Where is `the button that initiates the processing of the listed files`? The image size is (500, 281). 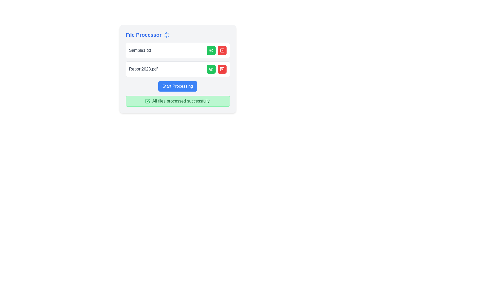
the button that initiates the processing of the listed files is located at coordinates (178, 86).